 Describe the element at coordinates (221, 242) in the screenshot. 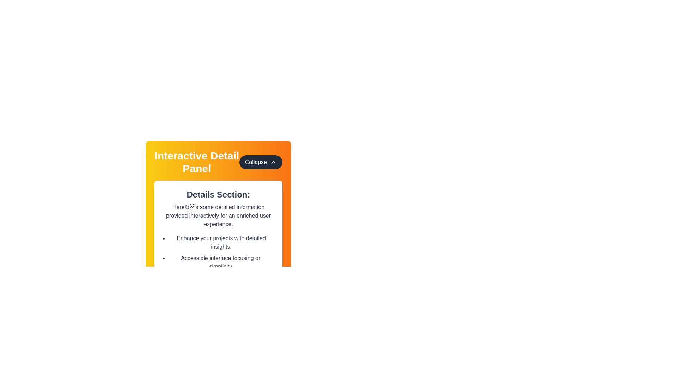

I see `the text 'Enhance your projects with detailed insights.' from the first item in the bulleted list within the 'Interactive Detail Panel.'` at that location.